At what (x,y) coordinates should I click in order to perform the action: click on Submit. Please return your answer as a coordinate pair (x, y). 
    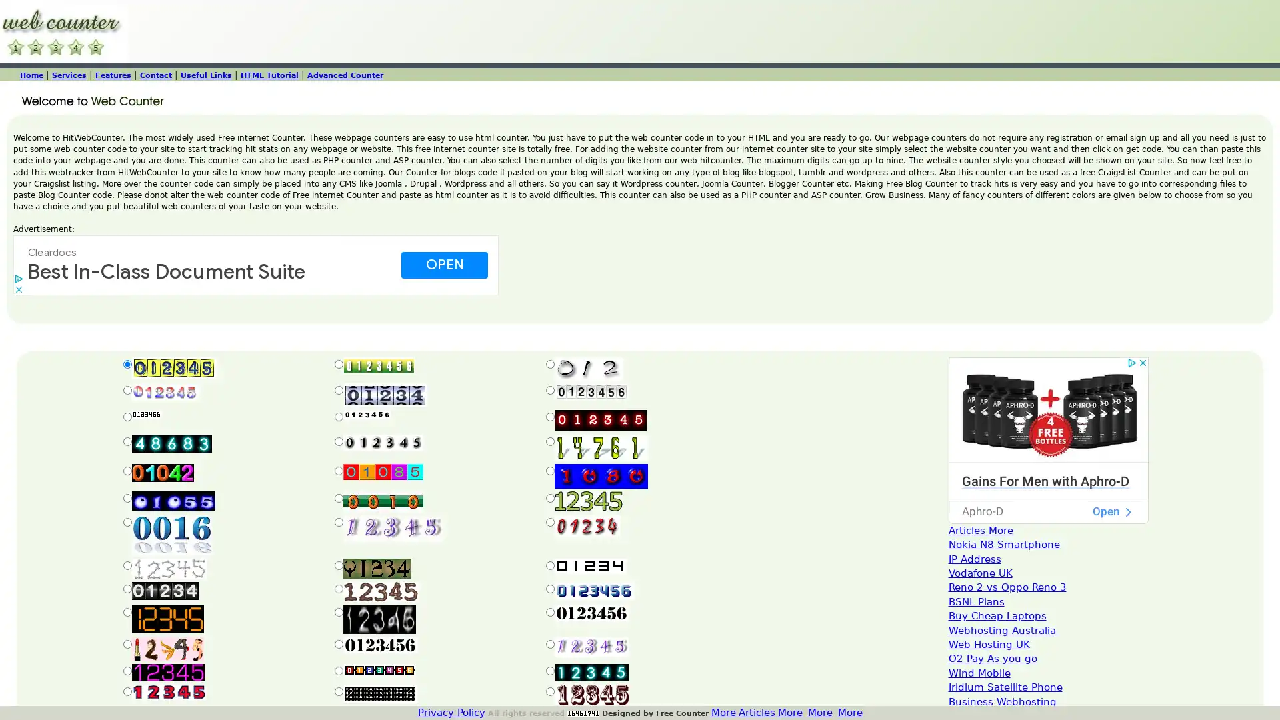
    Looking at the image, I should click on (382, 442).